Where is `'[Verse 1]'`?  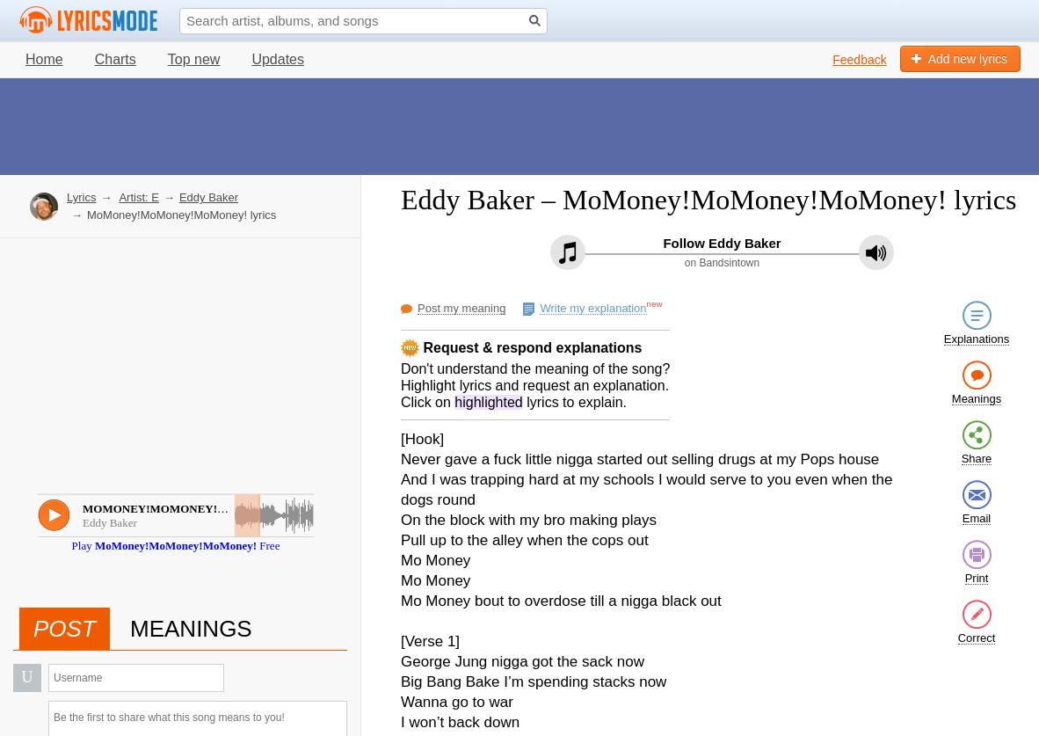
'[Verse 1]' is located at coordinates (429, 640).